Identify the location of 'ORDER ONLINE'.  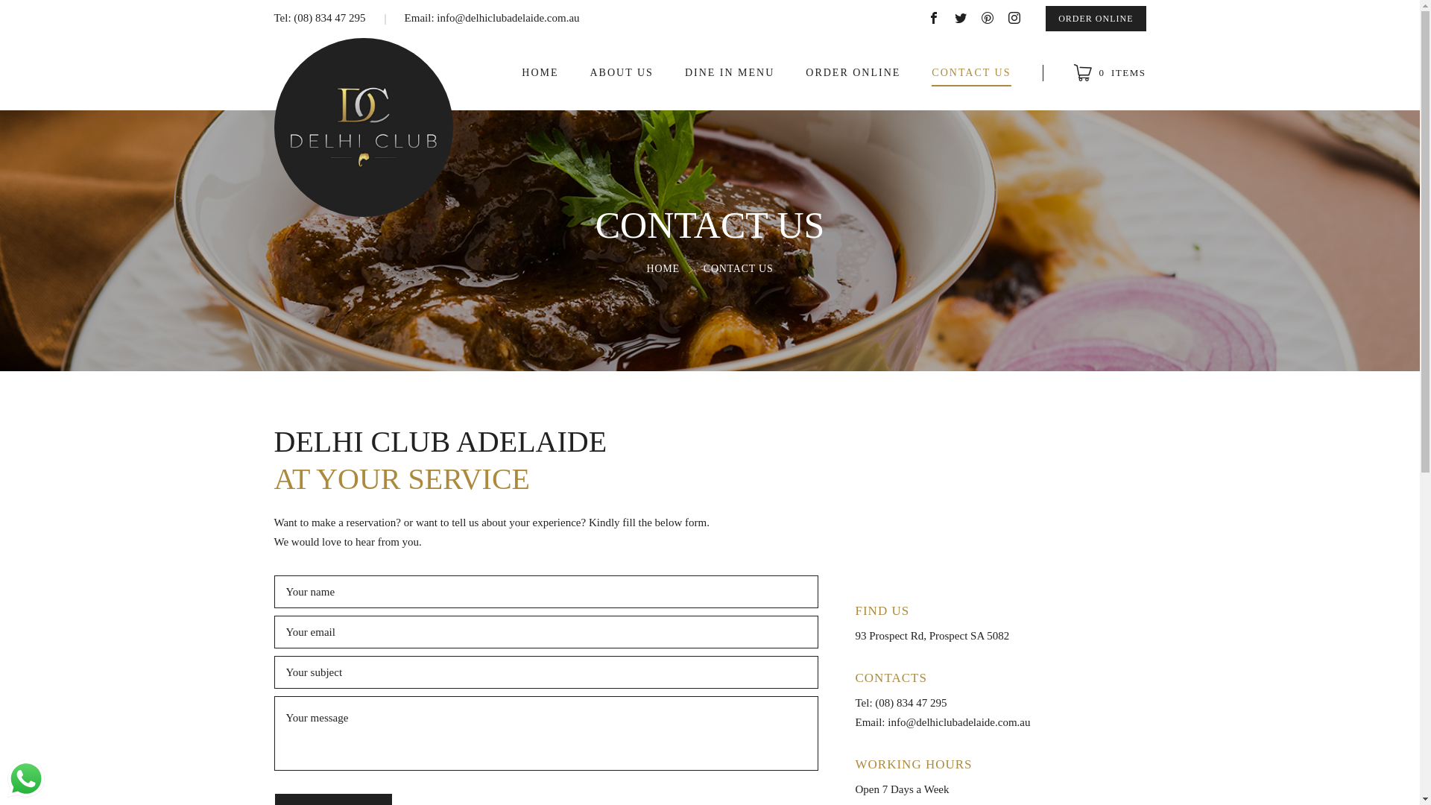
(1095, 18).